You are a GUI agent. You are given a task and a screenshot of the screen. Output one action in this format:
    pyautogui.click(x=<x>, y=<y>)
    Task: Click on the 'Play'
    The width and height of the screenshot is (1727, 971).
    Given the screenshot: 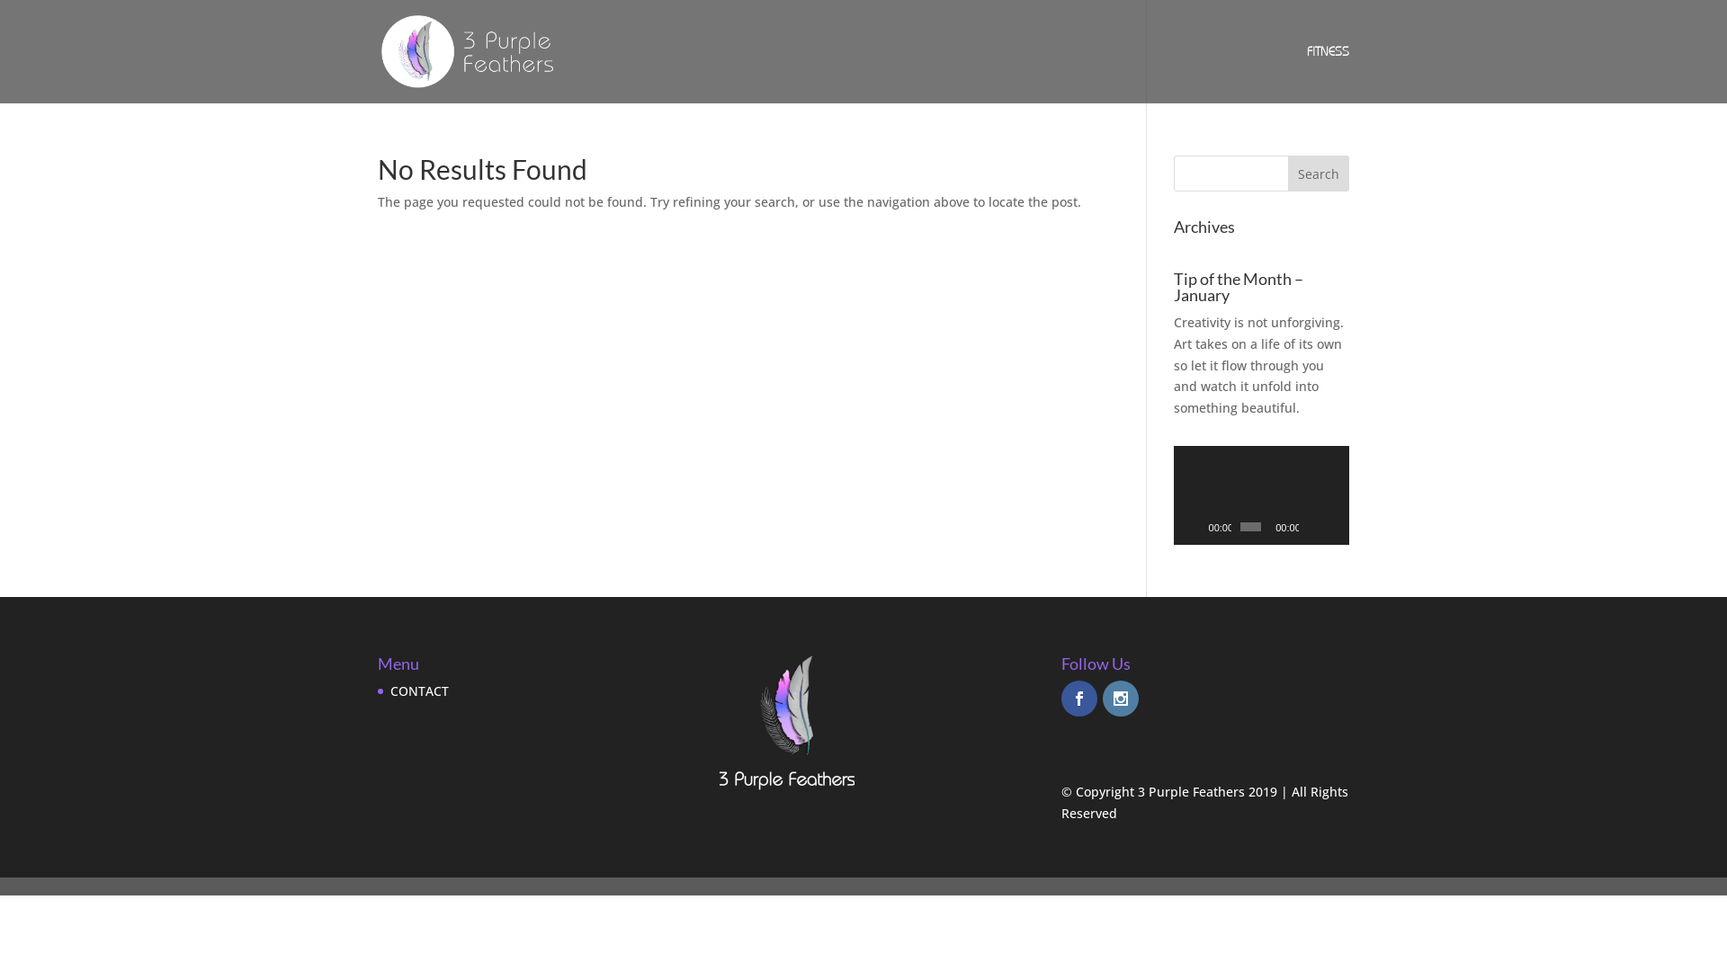 What is the action you would take?
    pyautogui.click(x=1196, y=526)
    